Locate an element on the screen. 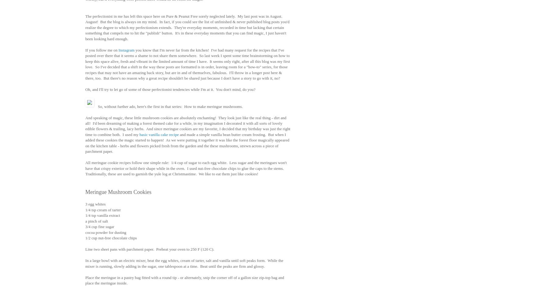 Image resolution: width=551 pixels, height=286 pixels. 'Place the meringue in a pastry bag fitted with a round tip - or alternately, snip the corner off of a gallon size zip-top bag and place the meringue inside.' is located at coordinates (185, 280).